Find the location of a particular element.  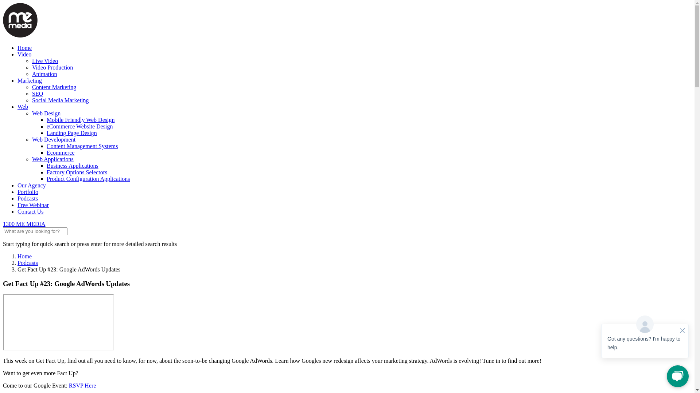

'Landing Page Design' is located at coordinates (71, 133).